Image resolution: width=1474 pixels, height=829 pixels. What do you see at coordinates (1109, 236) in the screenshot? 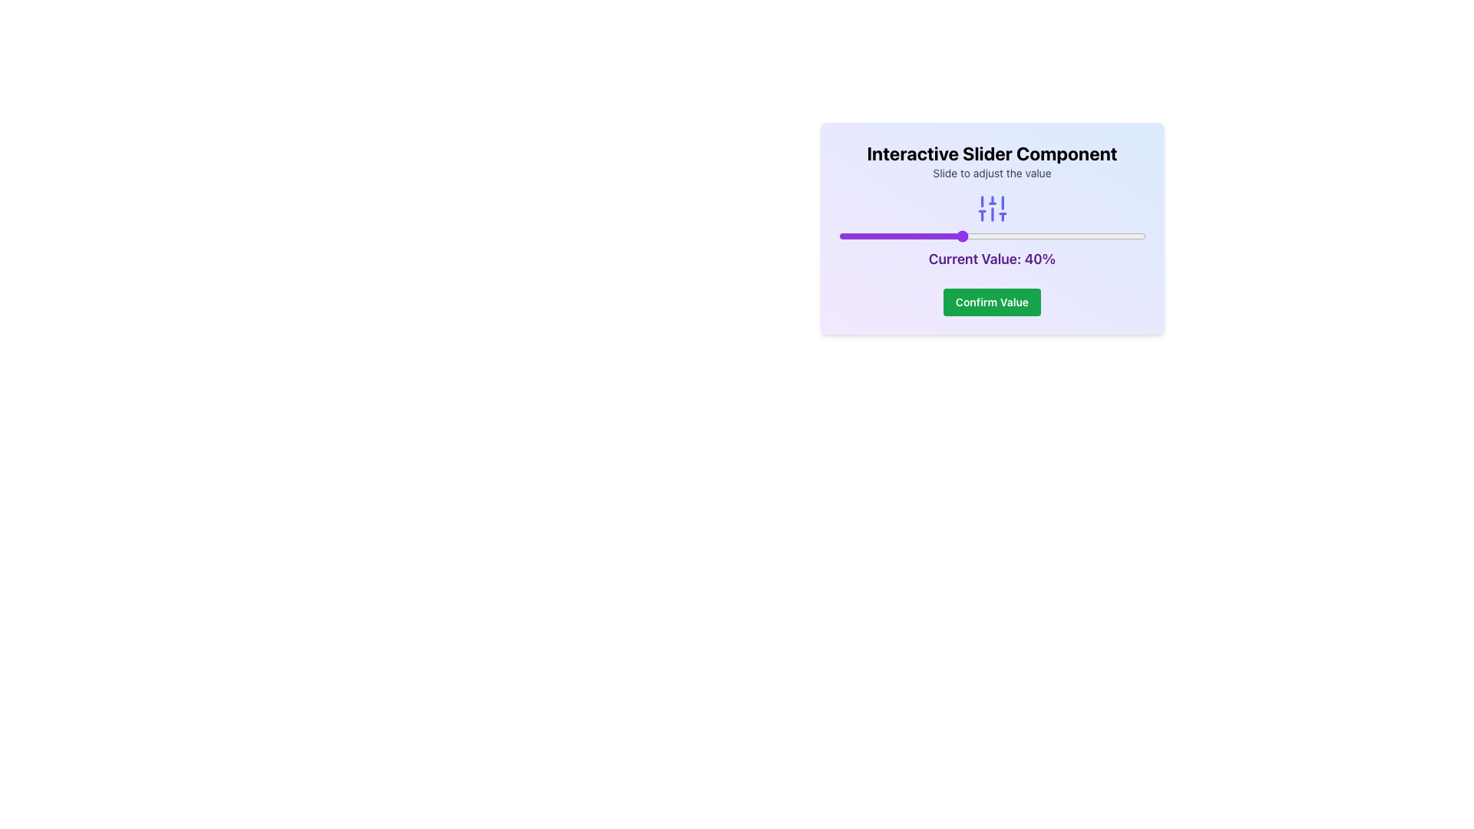
I see `the slider value` at bounding box center [1109, 236].